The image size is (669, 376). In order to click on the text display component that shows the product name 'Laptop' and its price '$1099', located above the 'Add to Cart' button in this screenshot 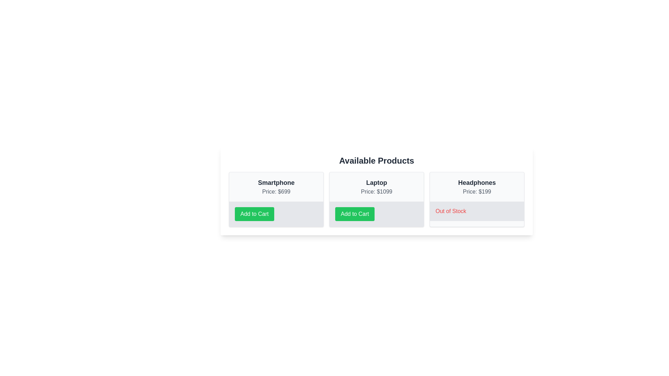, I will do `click(376, 186)`.